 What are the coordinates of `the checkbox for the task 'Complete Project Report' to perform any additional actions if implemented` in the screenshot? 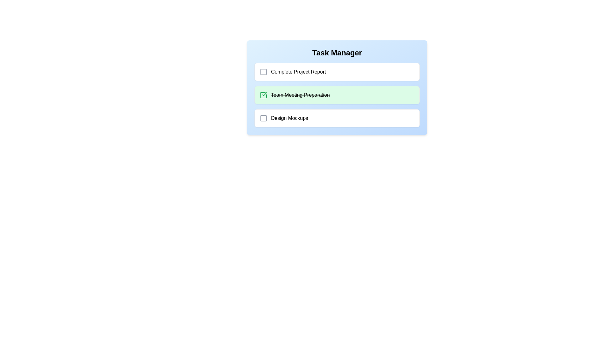 It's located at (263, 72).